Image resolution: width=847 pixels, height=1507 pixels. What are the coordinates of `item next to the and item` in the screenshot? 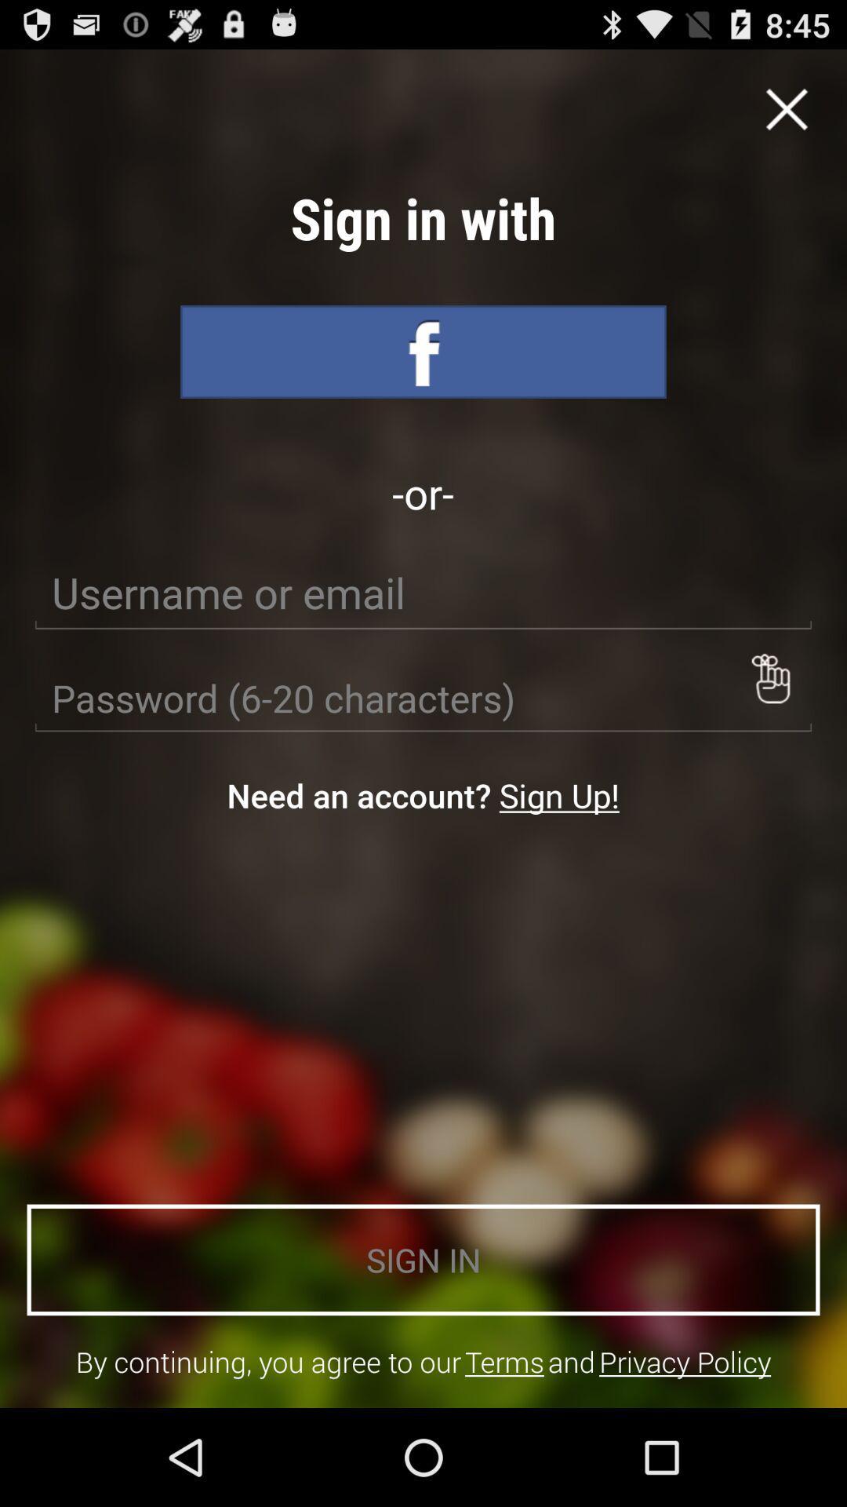 It's located at (684, 1361).